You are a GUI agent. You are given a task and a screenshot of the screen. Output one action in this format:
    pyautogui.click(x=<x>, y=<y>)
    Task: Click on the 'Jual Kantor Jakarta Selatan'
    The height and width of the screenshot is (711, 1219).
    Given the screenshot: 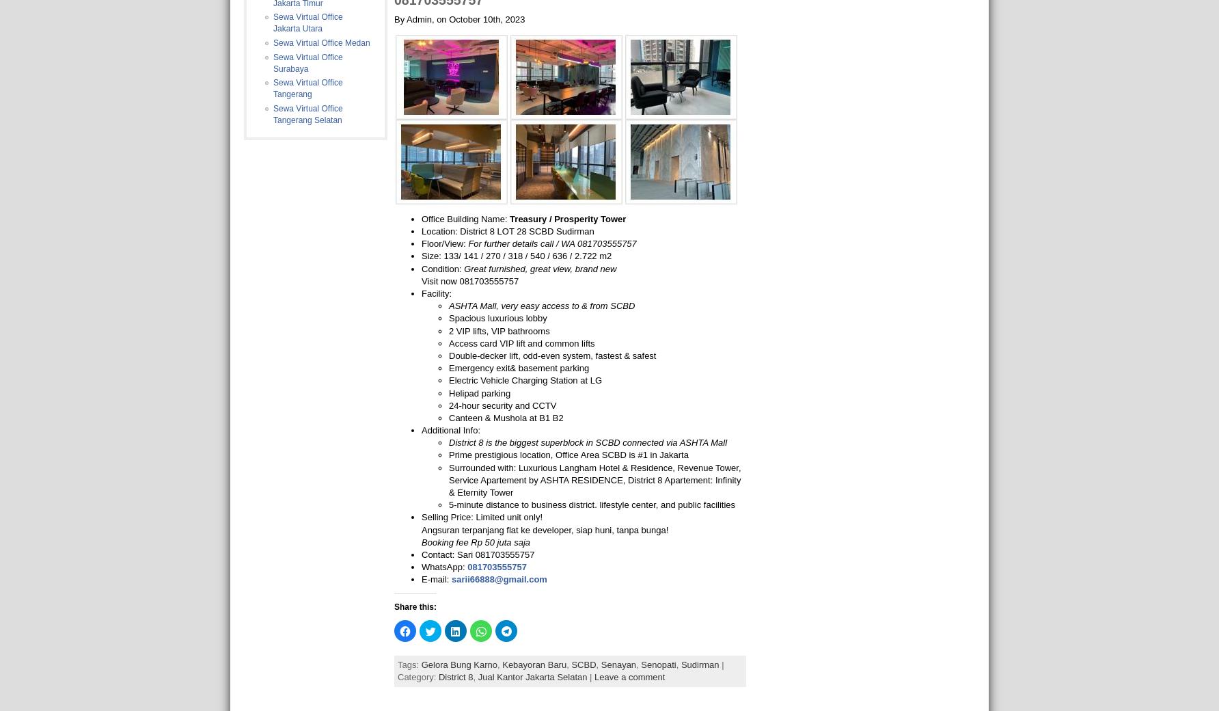 What is the action you would take?
    pyautogui.click(x=532, y=676)
    